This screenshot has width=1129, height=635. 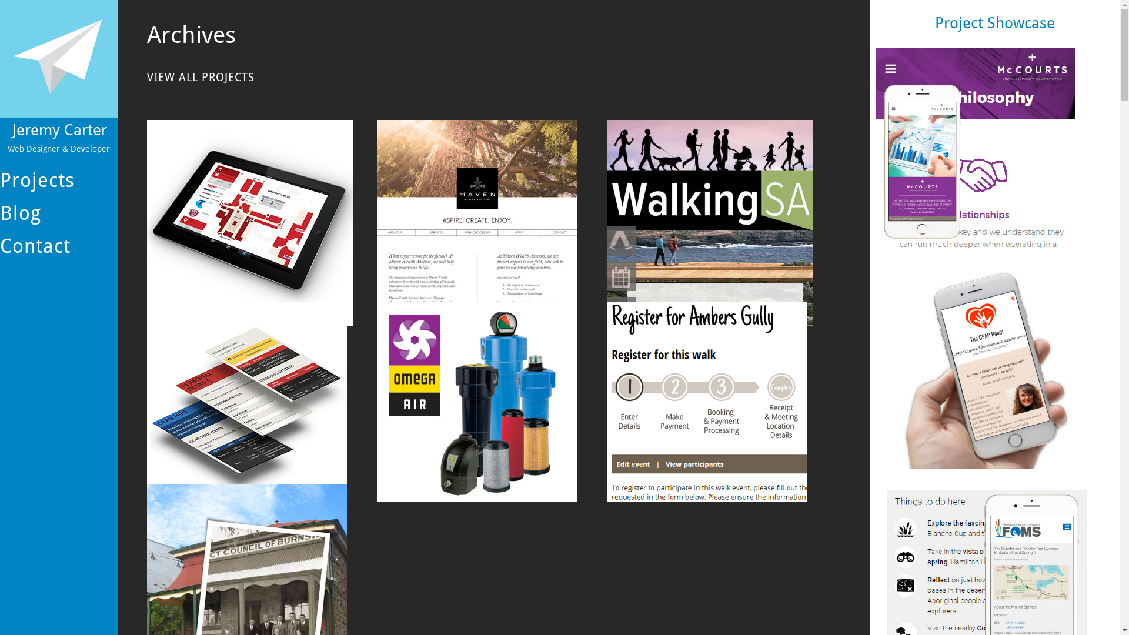 I want to click on 'Blog', so click(x=58, y=213).